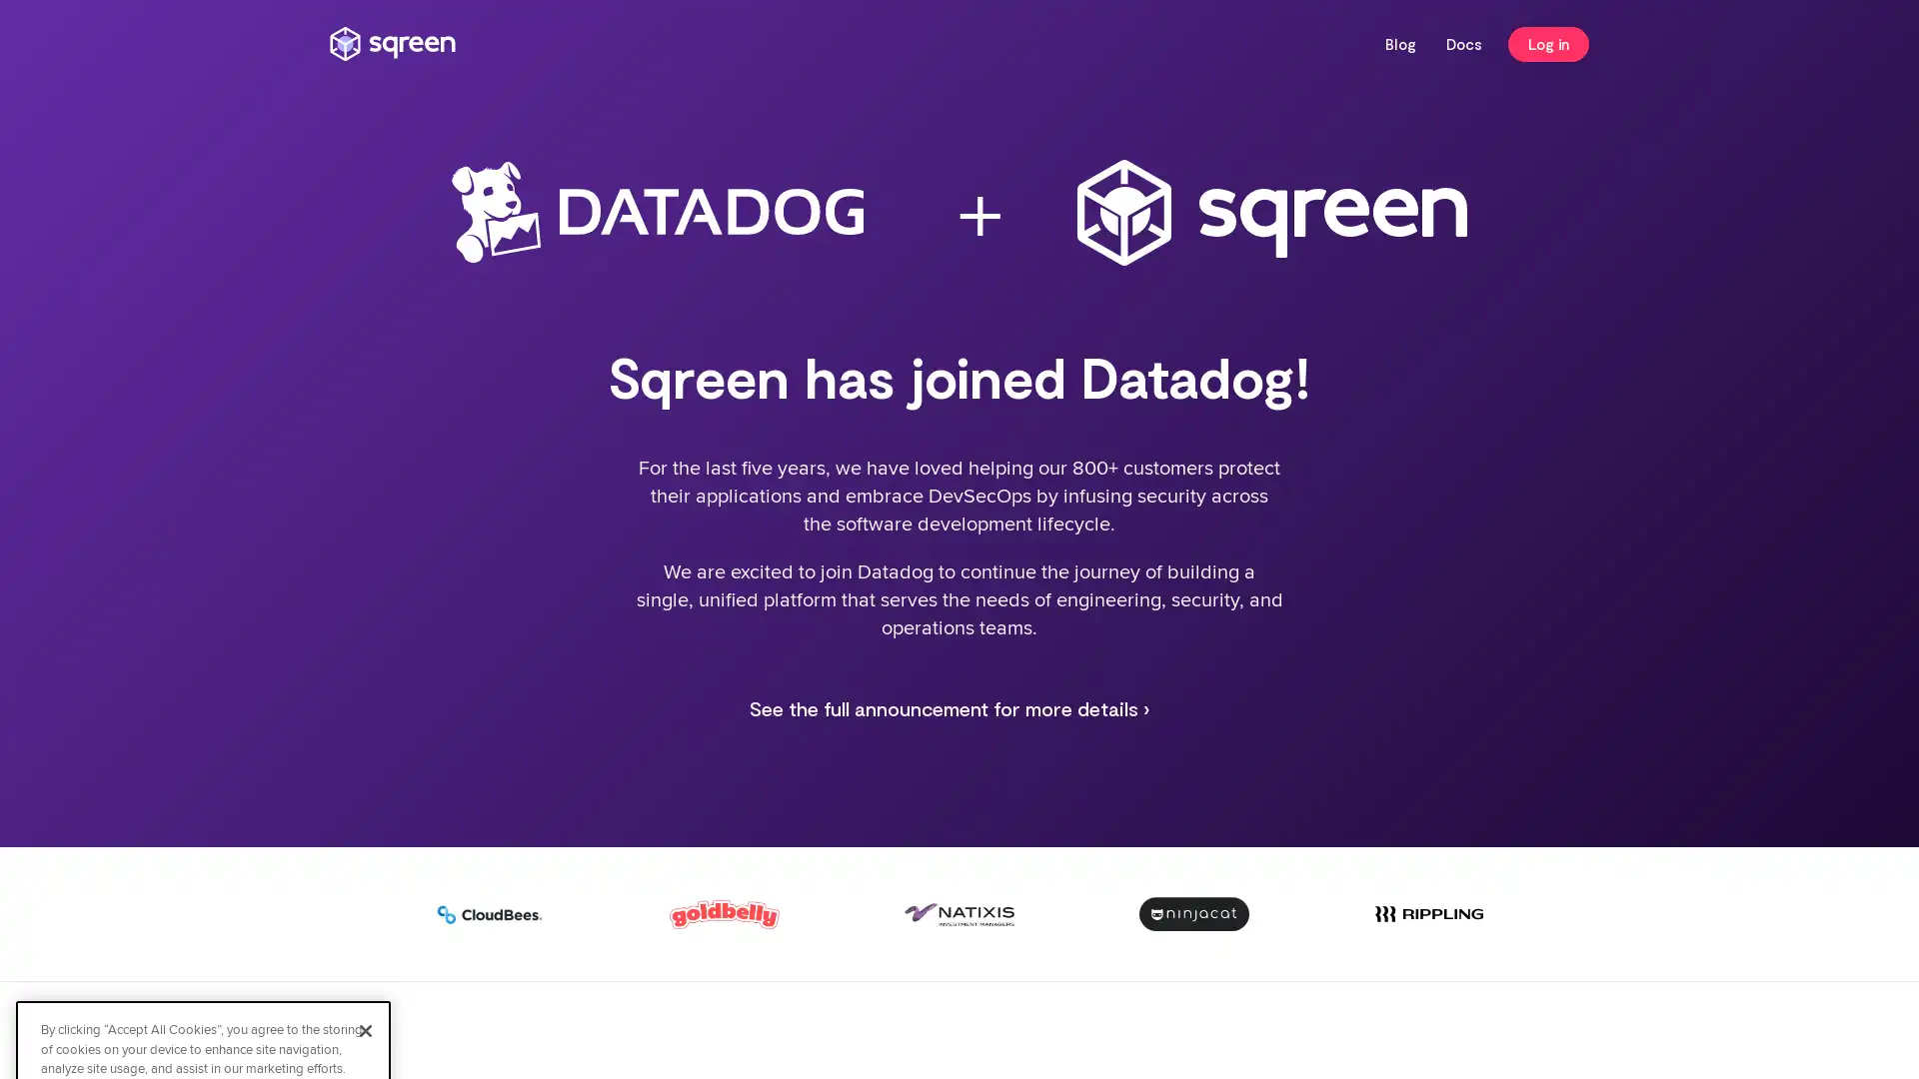 The width and height of the screenshot is (1919, 1079). What do you see at coordinates (203, 950) in the screenshot?
I see `Accept All Cookies` at bounding box center [203, 950].